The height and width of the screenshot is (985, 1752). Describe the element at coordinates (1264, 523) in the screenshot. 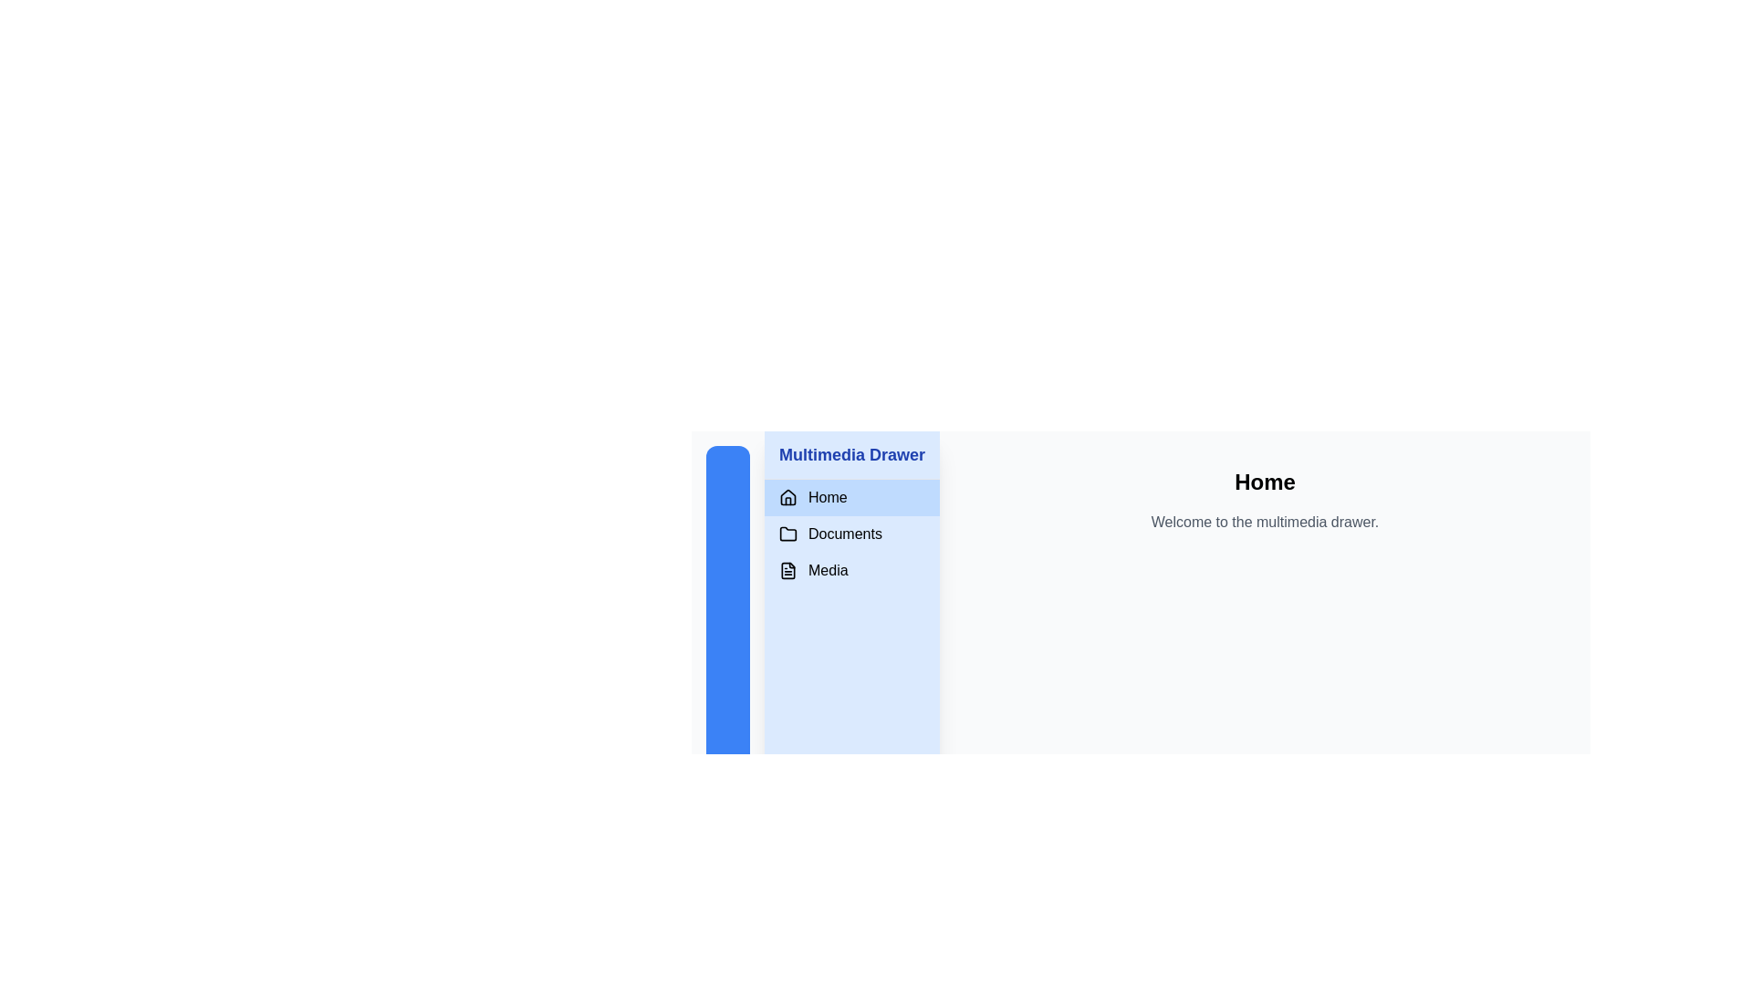

I see `the static text element that provides a welcoming message, positioned centrally below the 'Home' heading` at that location.